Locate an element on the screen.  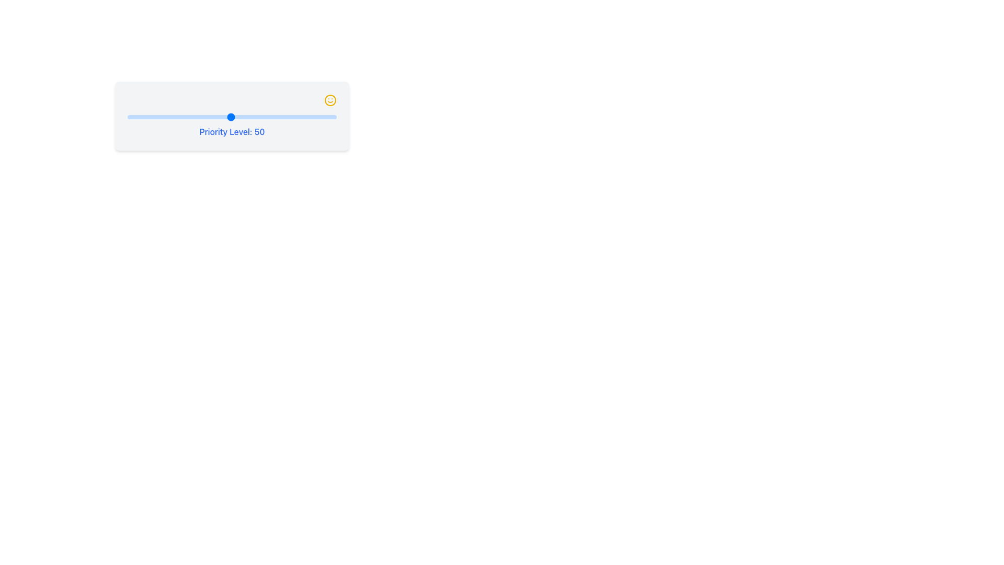
the priority level is located at coordinates (218, 117).